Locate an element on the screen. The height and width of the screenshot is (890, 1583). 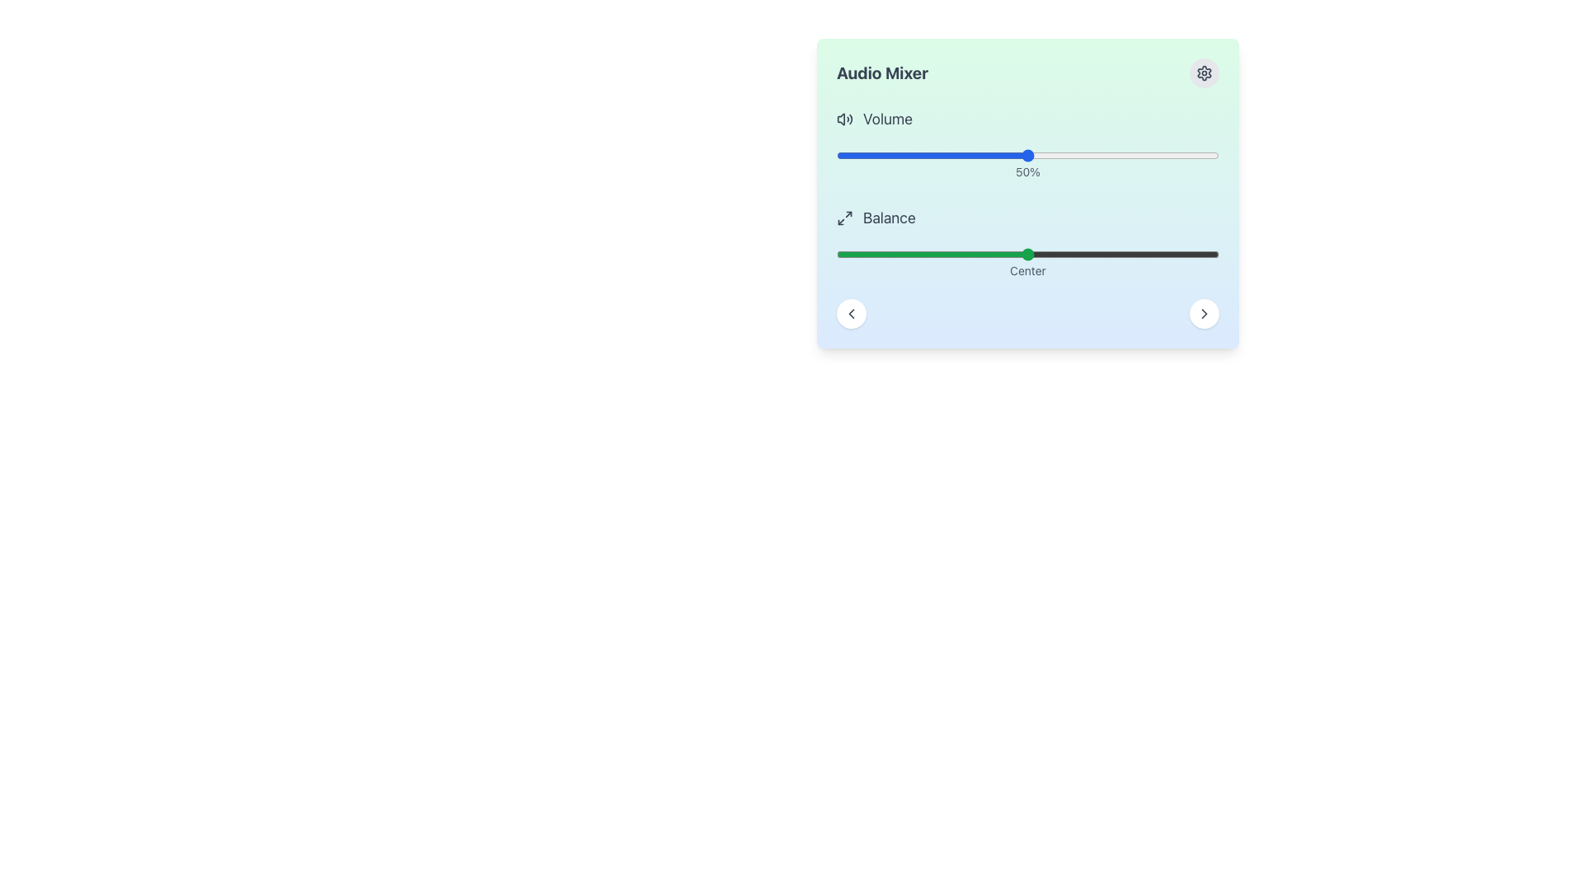
the small, right-pointing chevron icon located in the upper right corner of the interface, which is part of a circular button indicating forward navigation is located at coordinates (1204, 314).